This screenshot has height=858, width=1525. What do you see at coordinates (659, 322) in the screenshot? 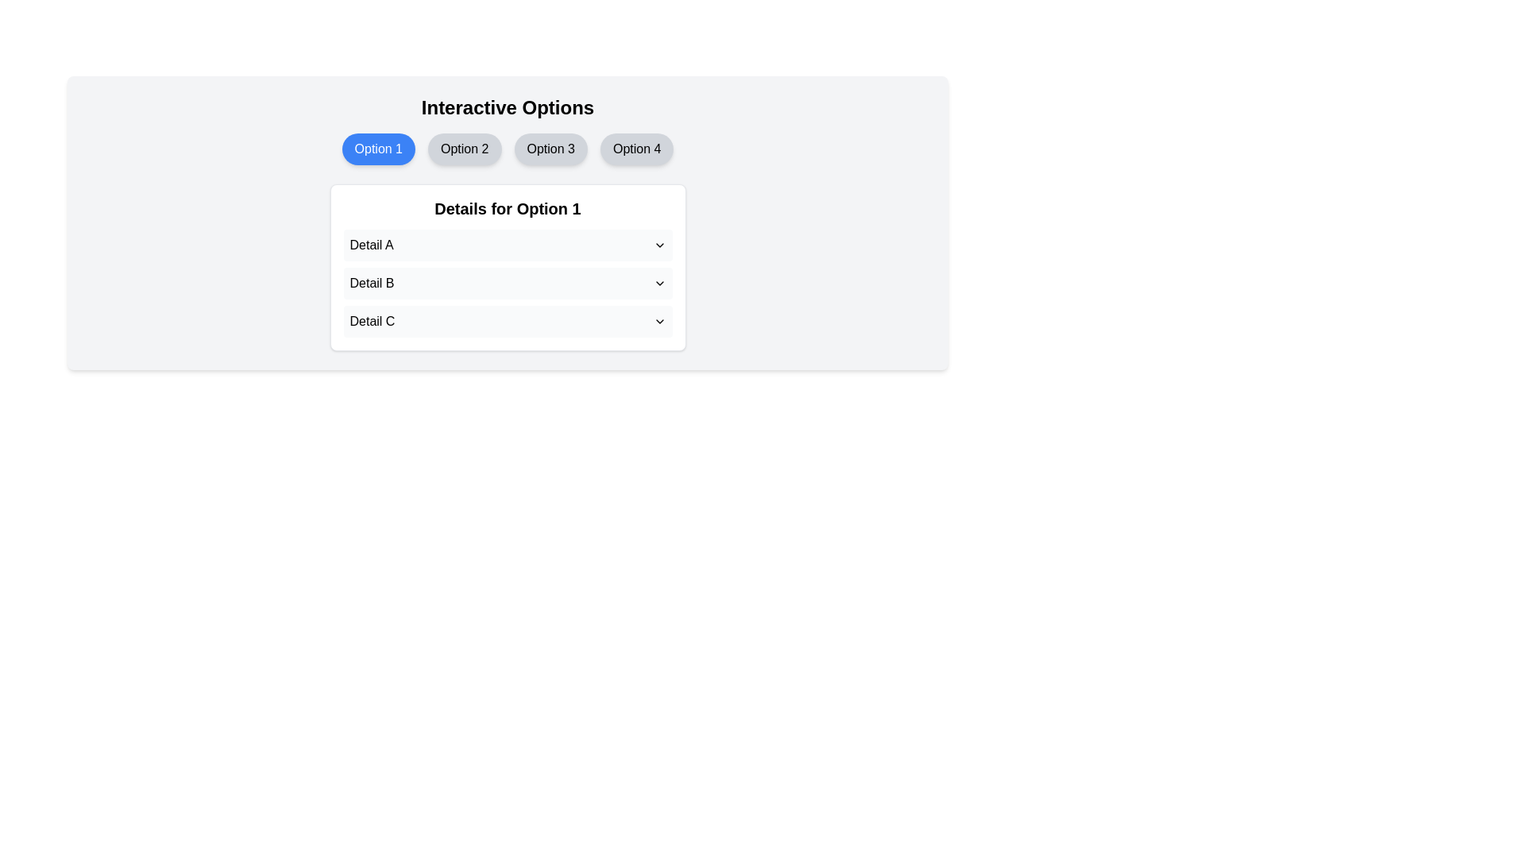
I see `the Dropdown Expansion Icon located at the right end of the 'Detail C' dropdown row` at bounding box center [659, 322].